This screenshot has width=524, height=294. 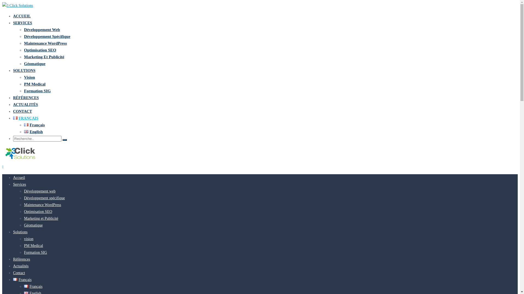 I want to click on 'PM Medical', so click(x=33, y=246).